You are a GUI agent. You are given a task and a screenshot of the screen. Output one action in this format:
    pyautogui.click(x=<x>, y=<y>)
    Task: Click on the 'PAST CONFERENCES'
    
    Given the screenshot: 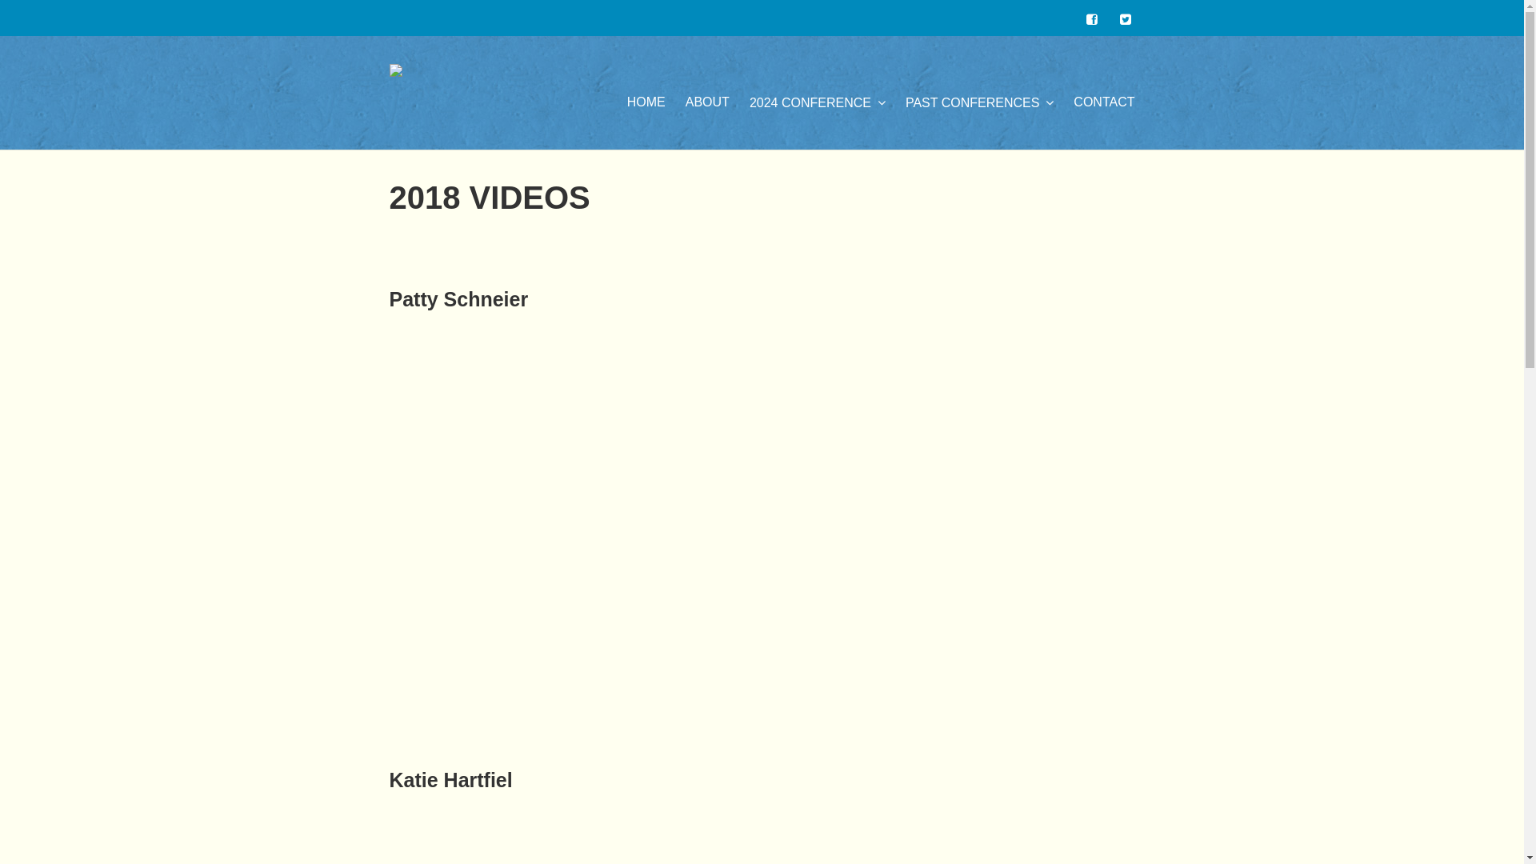 What is the action you would take?
    pyautogui.click(x=978, y=119)
    